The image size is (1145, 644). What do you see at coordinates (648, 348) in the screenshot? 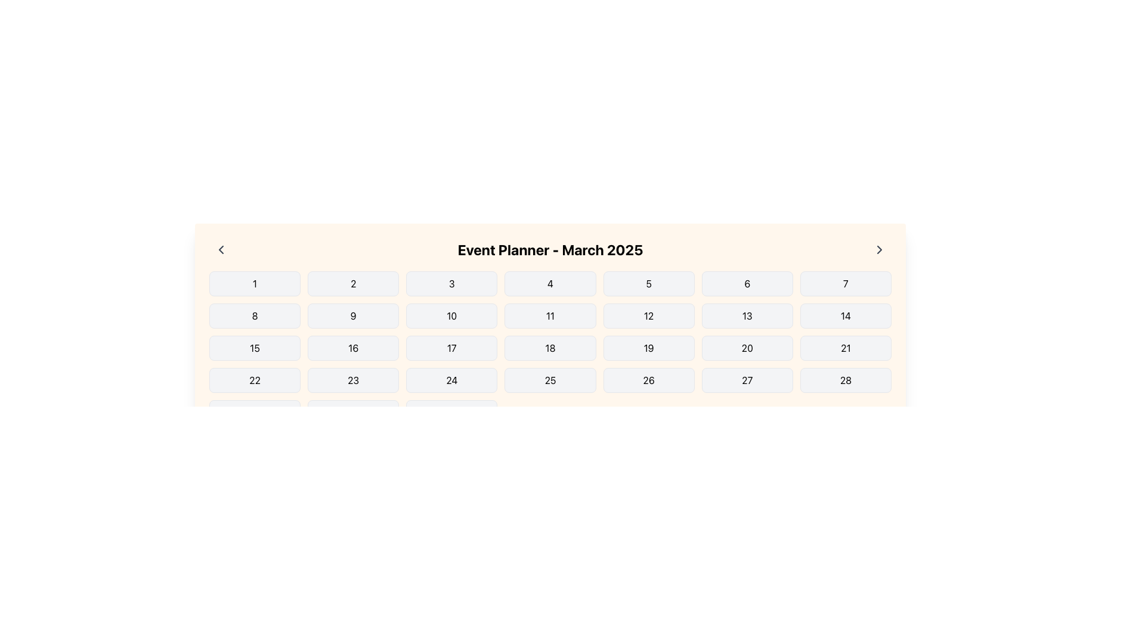
I see `the date '19' button-like element in the calendar interface, which is the seventh item in the third row of the grid layout` at bounding box center [648, 348].